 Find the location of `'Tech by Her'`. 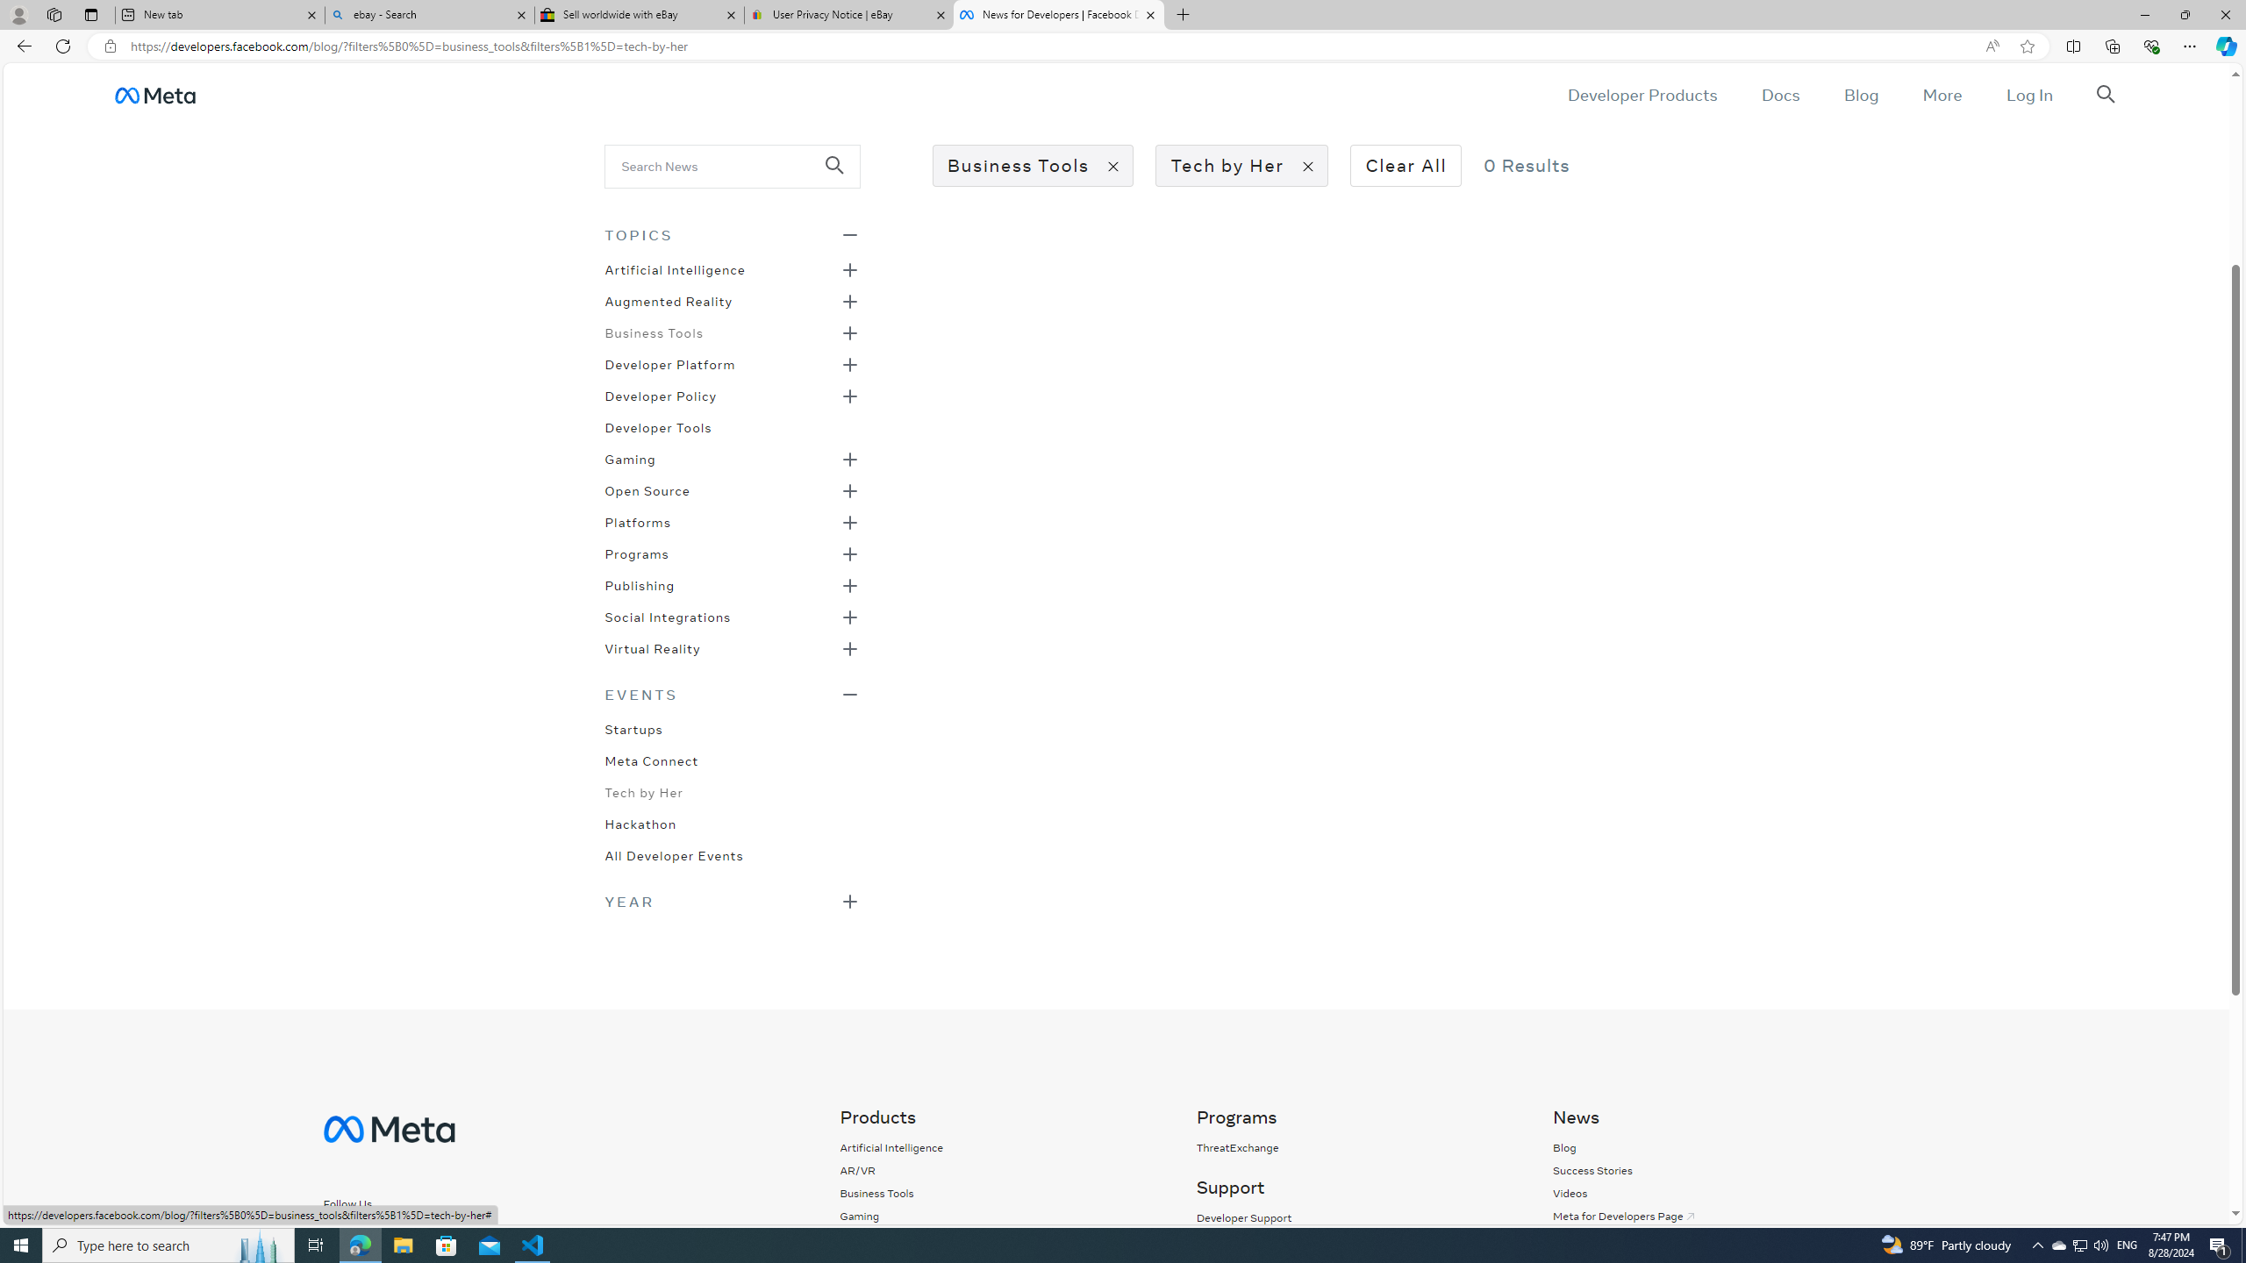

'Tech by Her' is located at coordinates (643, 790).